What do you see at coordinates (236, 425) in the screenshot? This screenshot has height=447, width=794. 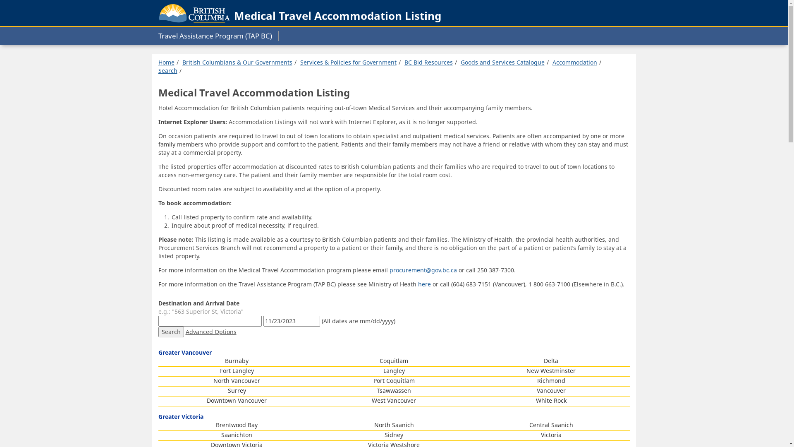 I see `'Brentwood Bay'` at bounding box center [236, 425].